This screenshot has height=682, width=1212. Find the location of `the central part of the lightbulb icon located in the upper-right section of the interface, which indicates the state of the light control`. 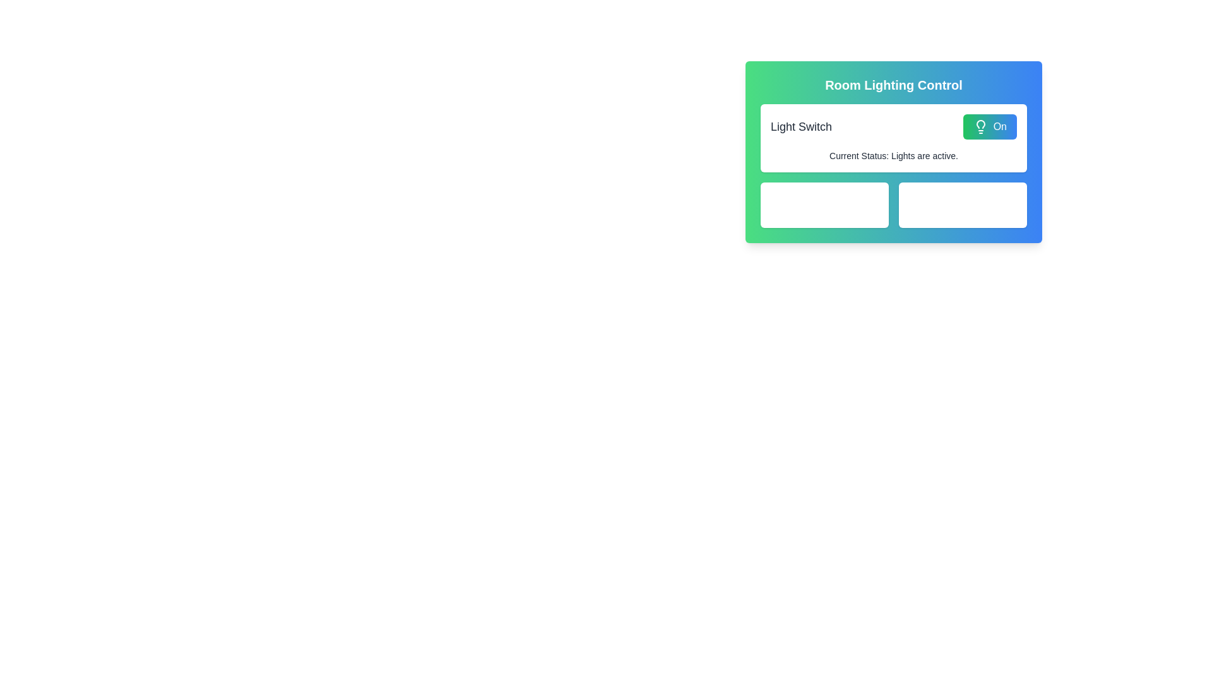

the central part of the lightbulb icon located in the upper-right section of the interface, which indicates the state of the light control is located at coordinates (980, 124).